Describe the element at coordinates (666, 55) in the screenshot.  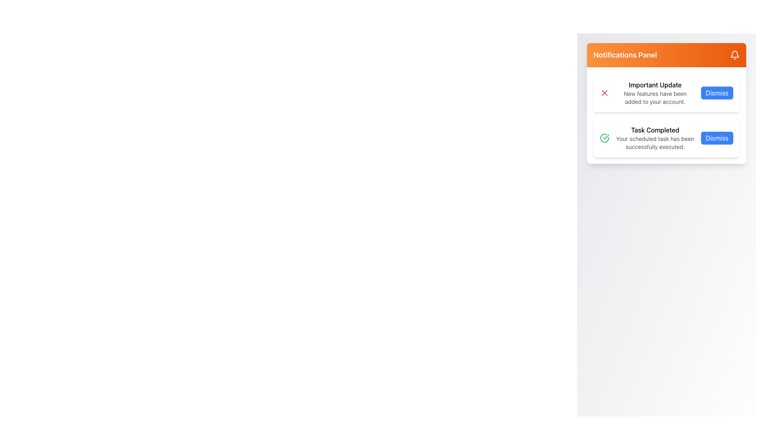
I see `title of the header bar that displays 'Notifications Panel' with a gradient background from orange to red` at that location.